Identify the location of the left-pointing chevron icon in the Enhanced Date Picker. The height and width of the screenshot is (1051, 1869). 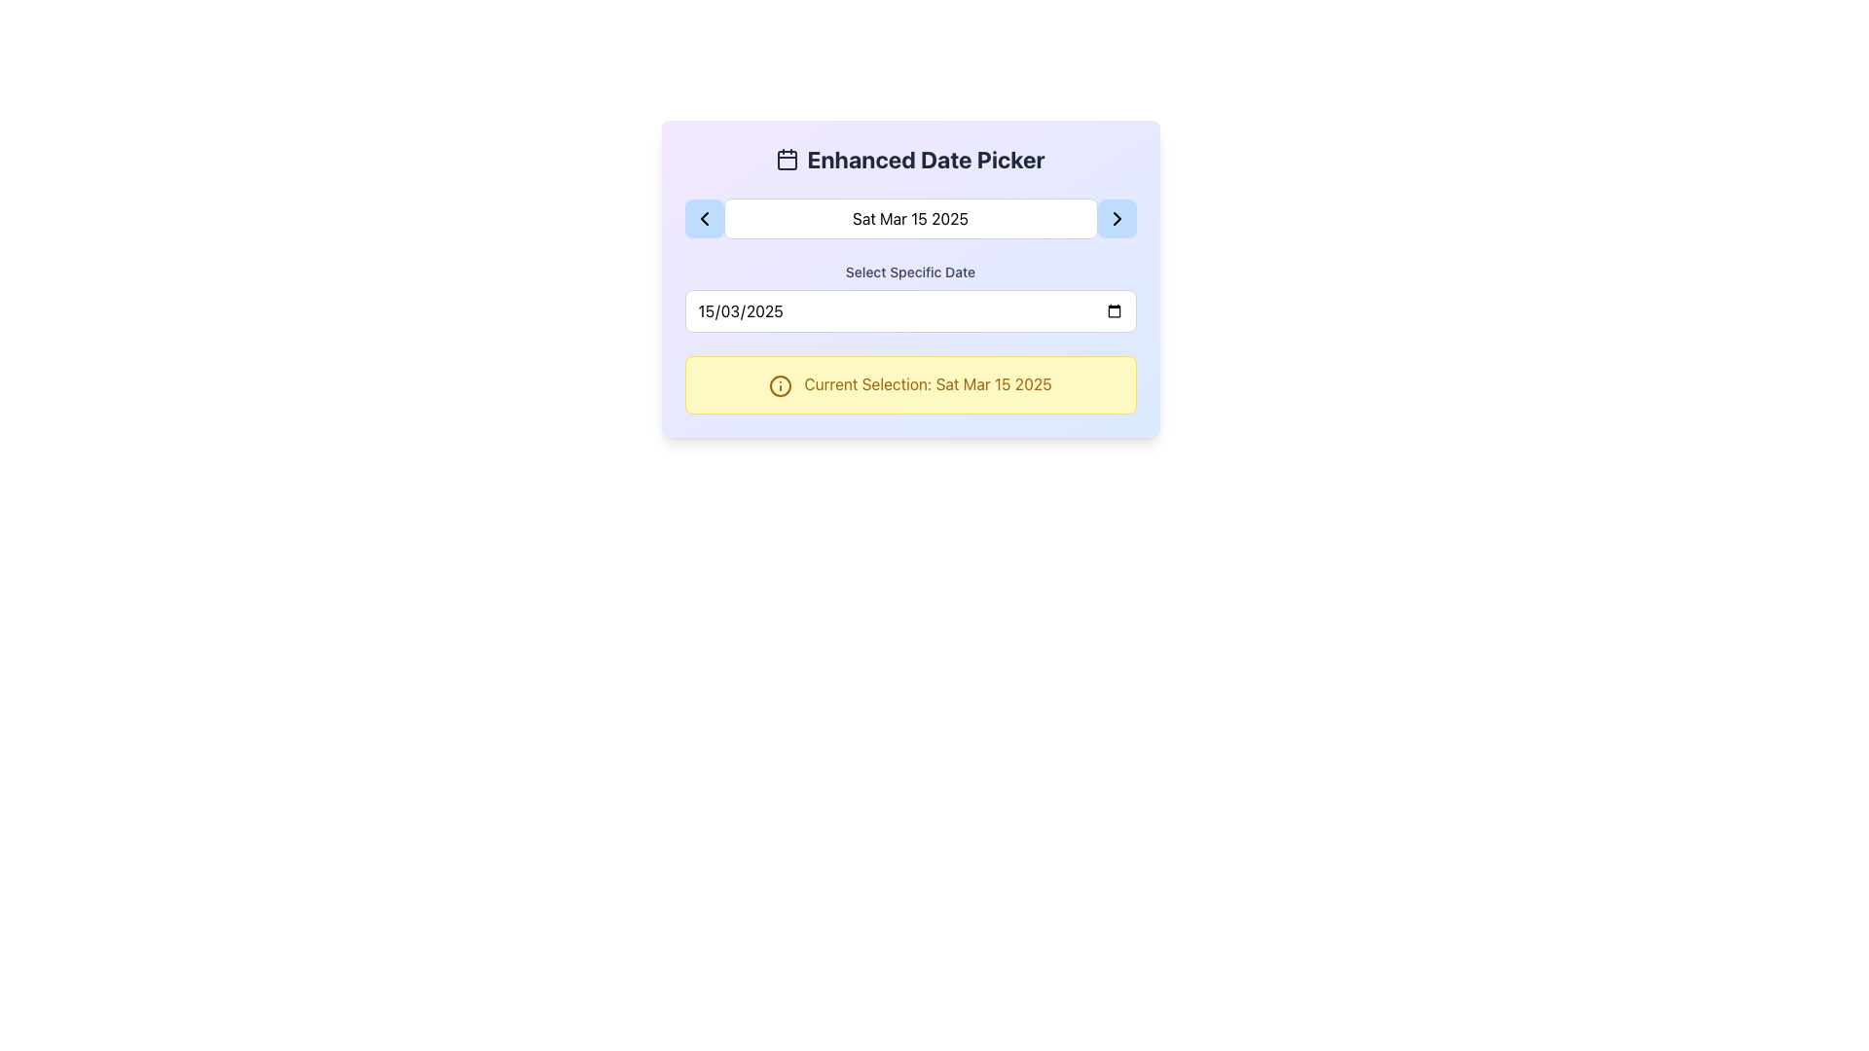
(703, 218).